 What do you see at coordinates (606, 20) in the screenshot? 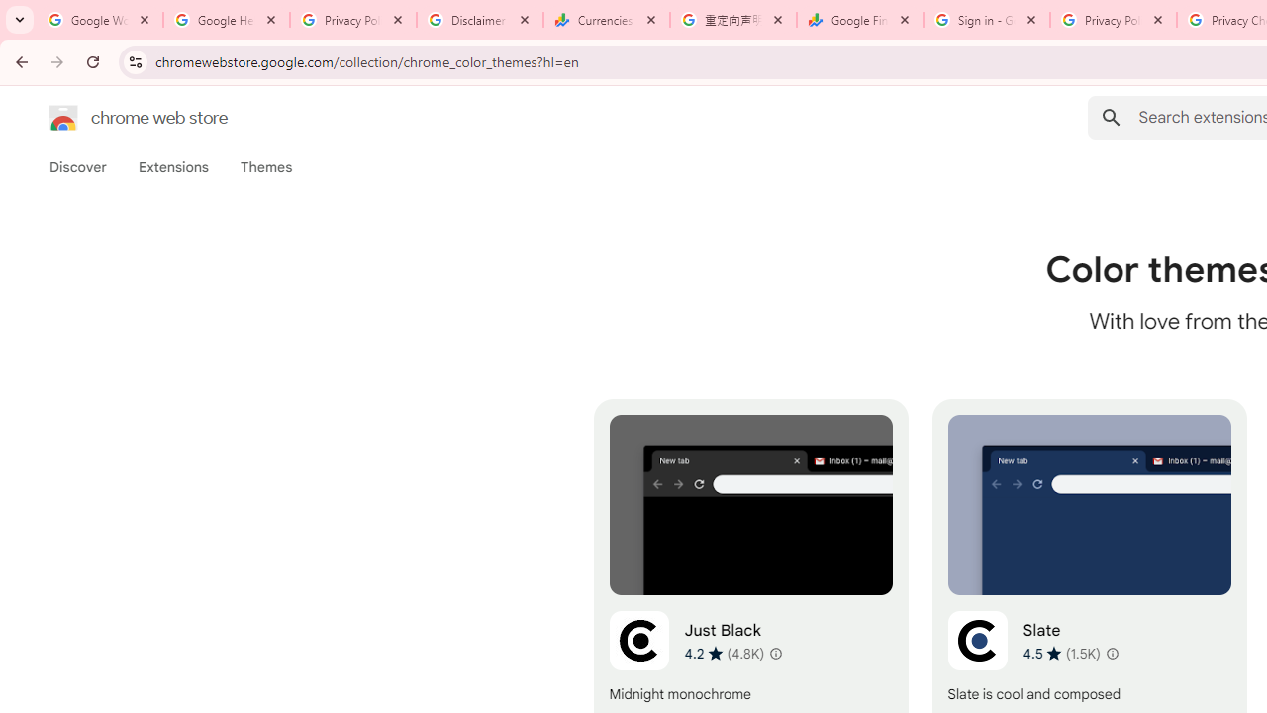
I see `'Currencies - Google Finance'` at bounding box center [606, 20].